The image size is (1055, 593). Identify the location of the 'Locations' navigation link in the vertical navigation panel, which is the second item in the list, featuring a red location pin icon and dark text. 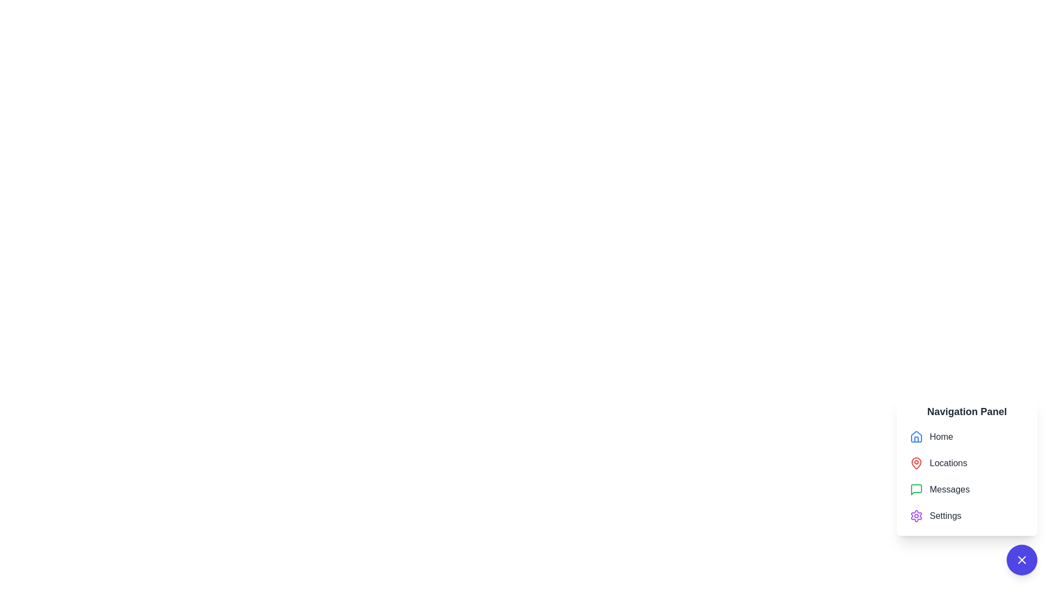
(967, 466).